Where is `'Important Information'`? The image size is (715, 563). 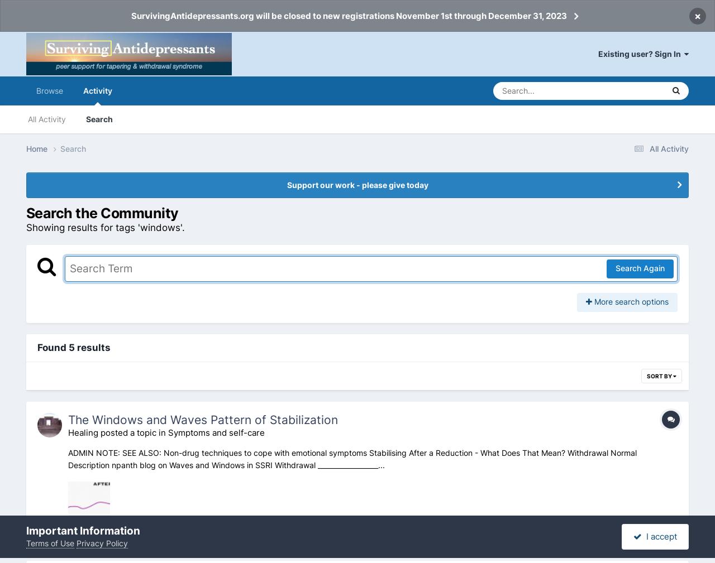
'Important Information' is located at coordinates (82, 530).